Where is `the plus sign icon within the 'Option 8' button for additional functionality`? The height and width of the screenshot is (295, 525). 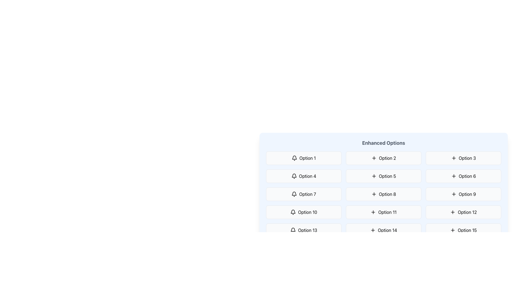 the plus sign icon within the 'Option 8' button for additional functionality is located at coordinates (374, 194).